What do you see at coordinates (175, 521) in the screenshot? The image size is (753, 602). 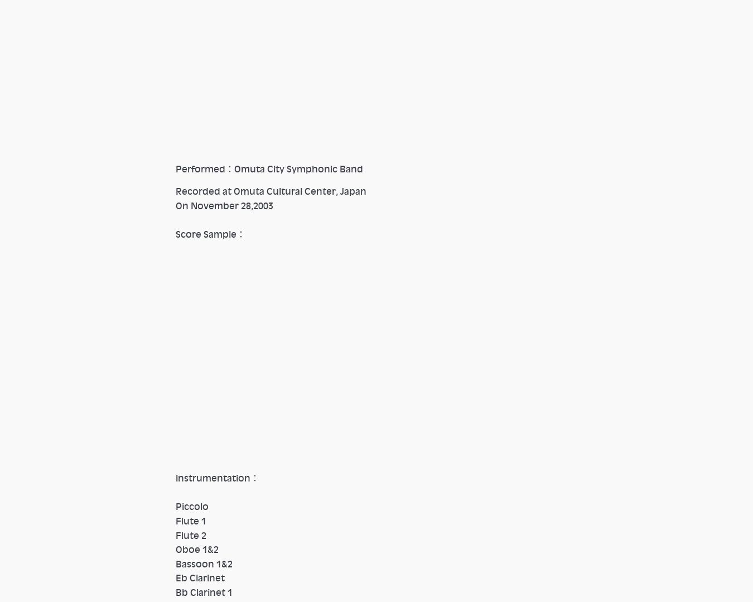 I see `'Flute 1'` at bounding box center [175, 521].